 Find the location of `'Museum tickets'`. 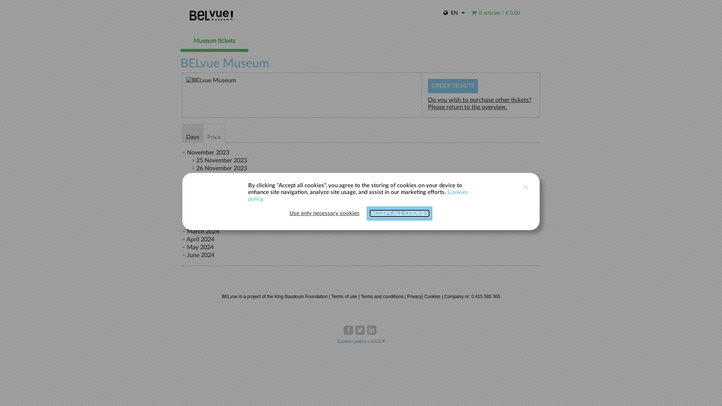

'Museum tickets' is located at coordinates (180, 41).